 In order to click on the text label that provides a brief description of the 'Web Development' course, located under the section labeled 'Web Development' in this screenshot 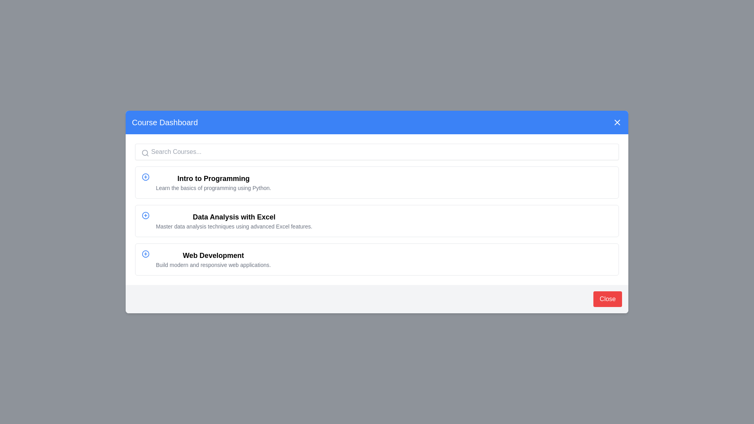, I will do `click(213, 265)`.